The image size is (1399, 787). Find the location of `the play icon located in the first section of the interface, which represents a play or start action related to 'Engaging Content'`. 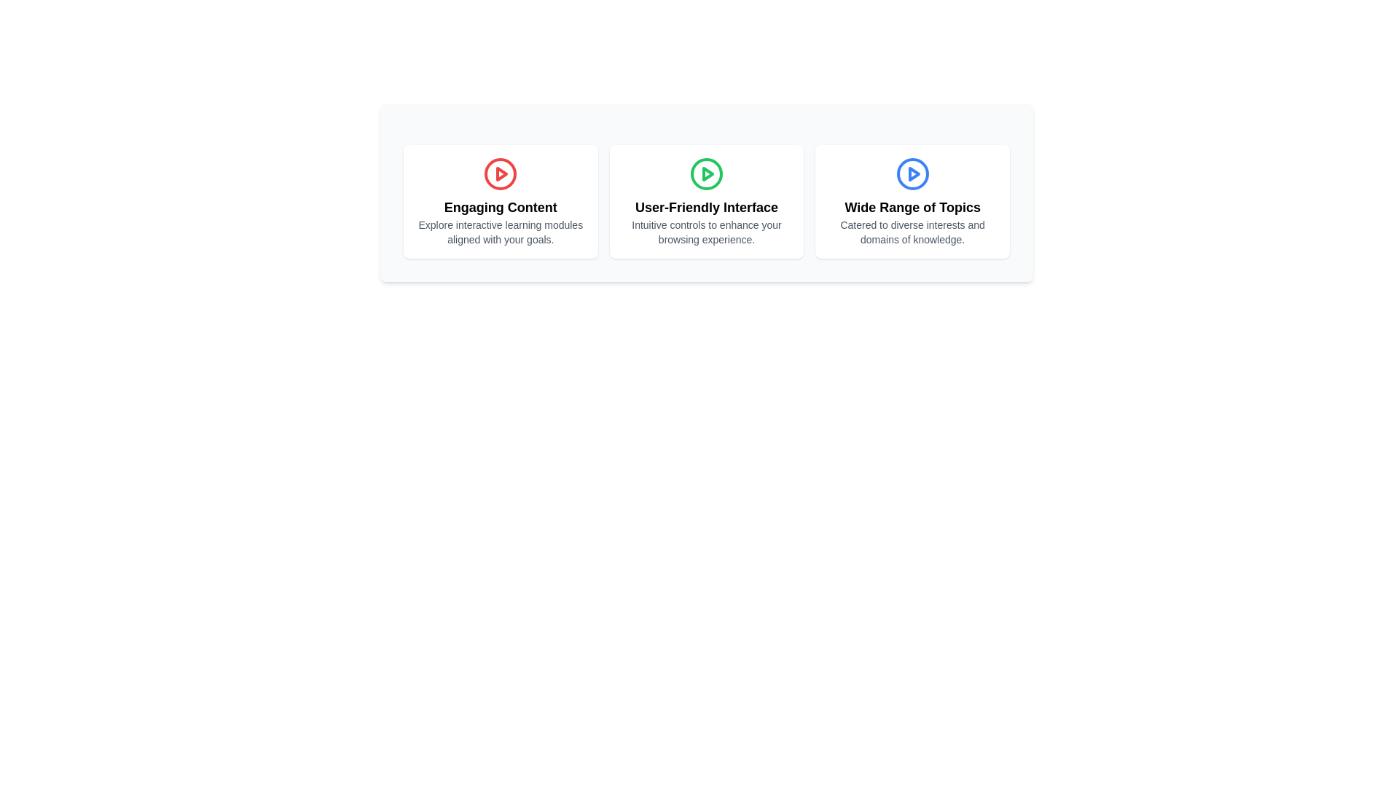

the play icon located in the first section of the interface, which represents a play or start action related to 'Engaging Content' is located at coordinates (502, 173).